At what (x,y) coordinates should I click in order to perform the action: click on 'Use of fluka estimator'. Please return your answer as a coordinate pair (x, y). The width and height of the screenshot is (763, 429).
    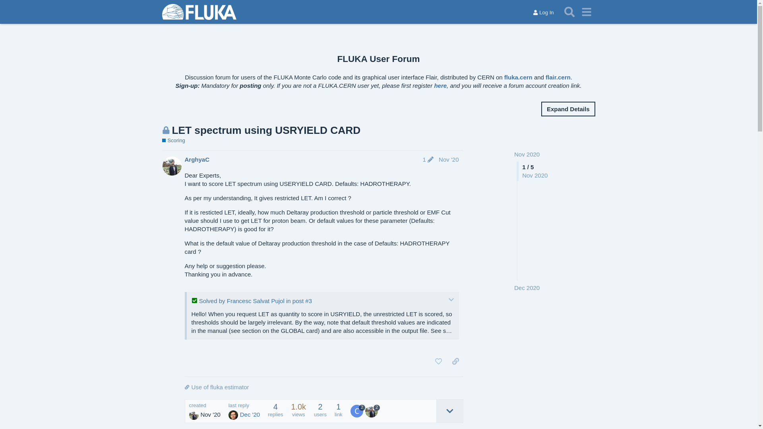
    Looking at the image, I should click on (323, 386).